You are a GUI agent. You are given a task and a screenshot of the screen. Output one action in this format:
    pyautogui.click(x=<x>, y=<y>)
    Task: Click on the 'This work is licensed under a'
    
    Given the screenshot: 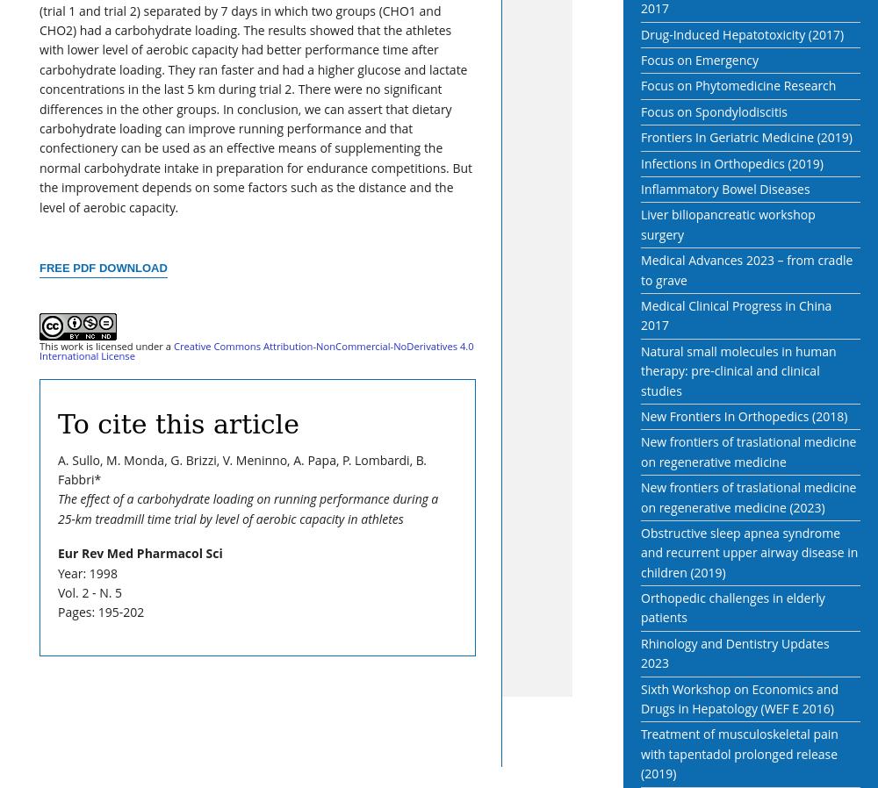 What is the action you would take?
    pyautogui.click(x=105, y=346)
    